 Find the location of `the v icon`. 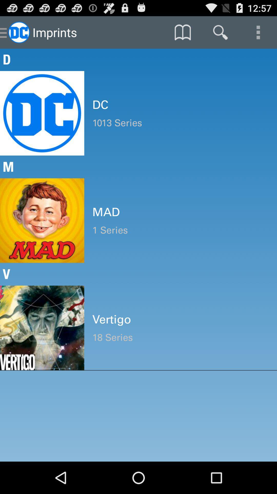

the v icon is located at coordinates (138, 274).